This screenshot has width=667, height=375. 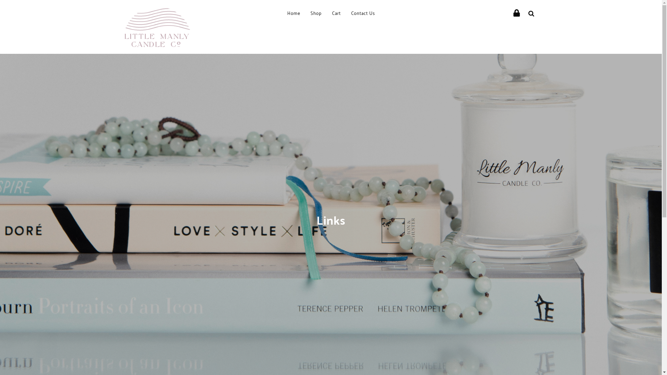 What do you see at coordinates (362, 14) in the screenshot?
I see `'Contact Us'` at bounding box center [362, 14].